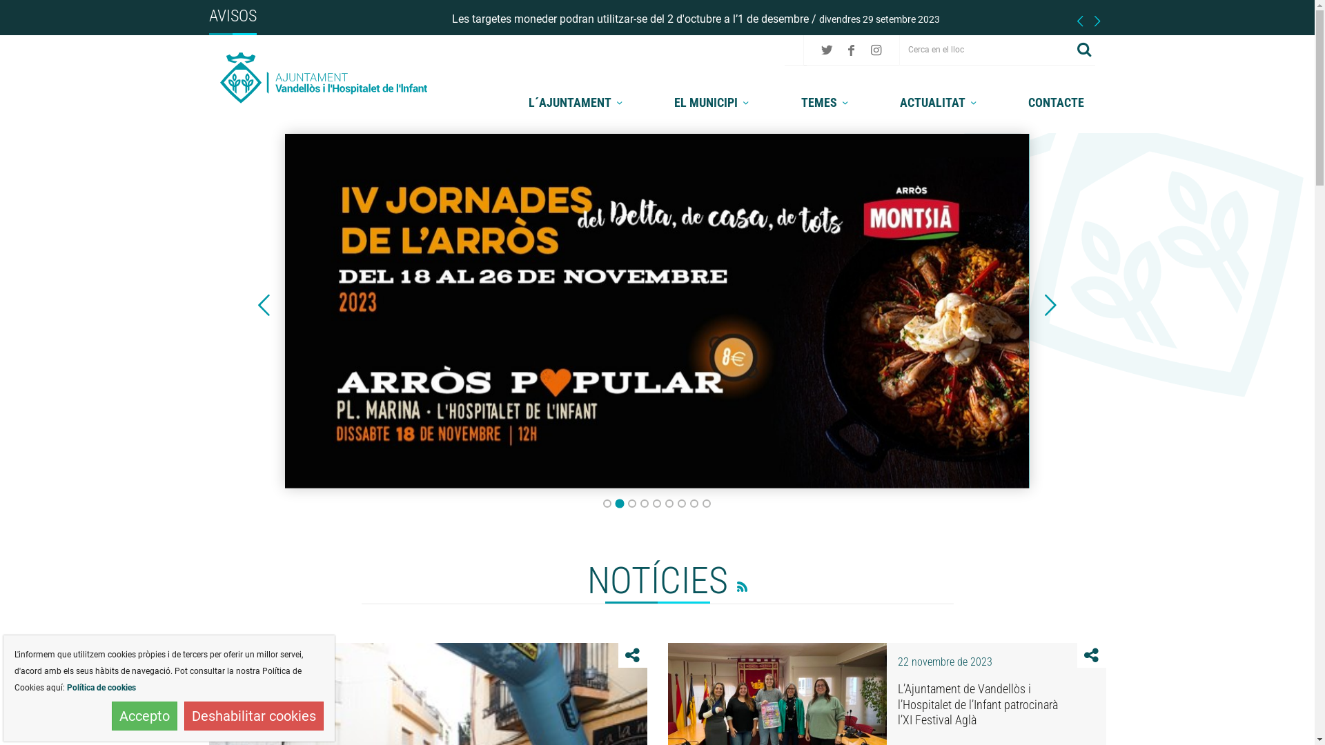 The width and height of the screenshot is (1325, 745). Describe the element at coordinates (264, 305) in the screenshot. I see `'Anterior'` at that location.